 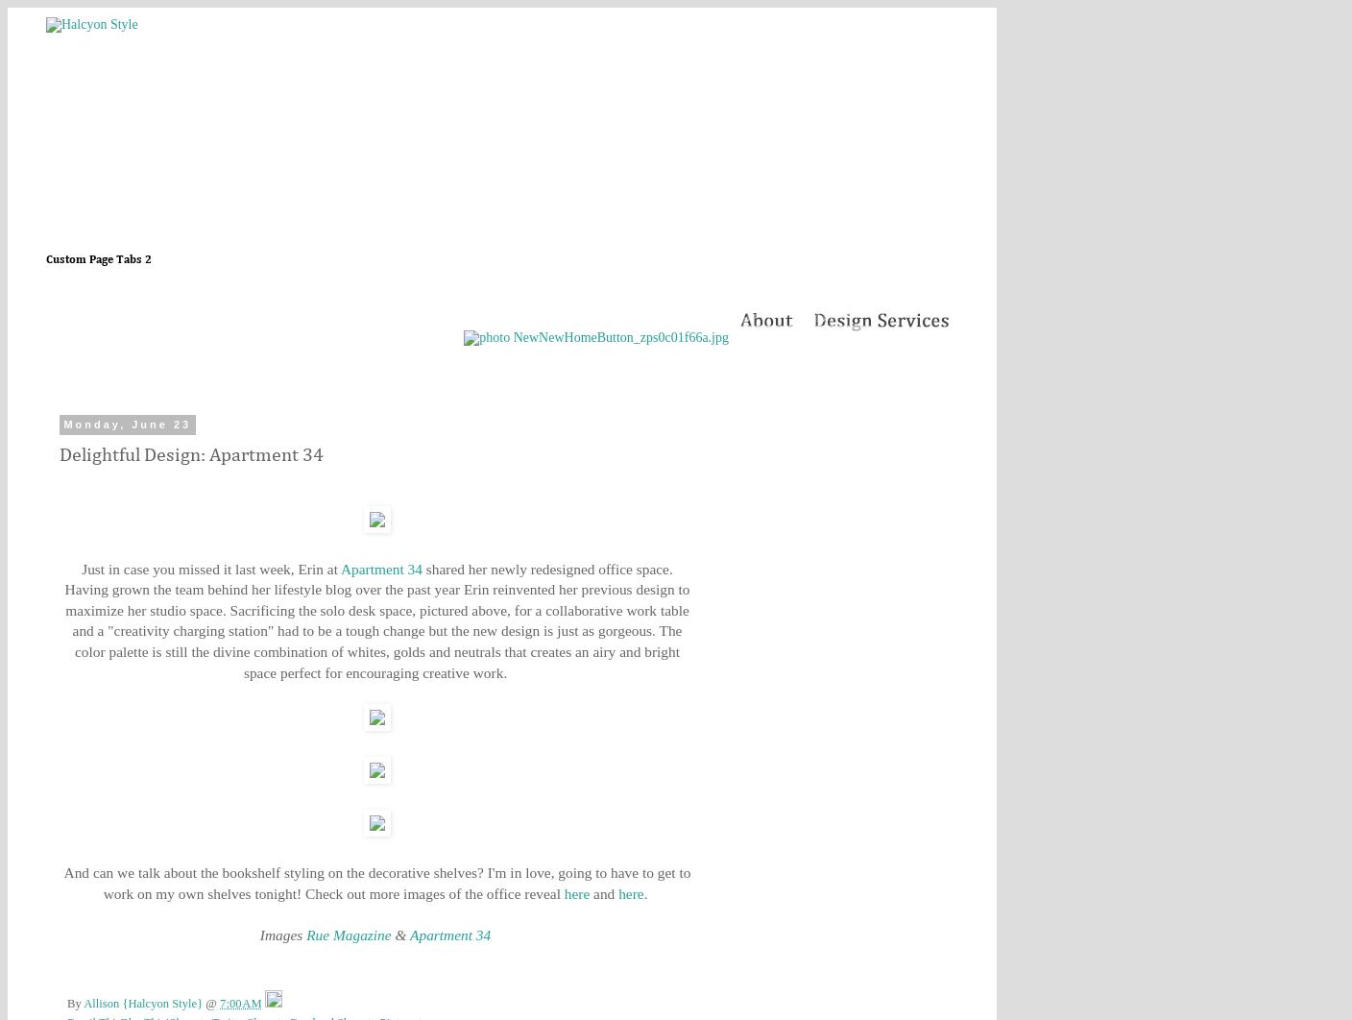 What do you see at coordinates (99, 259) in the screenshot?
I see `'Custom Page Tabs 2'` at bounding box center [99, 259].